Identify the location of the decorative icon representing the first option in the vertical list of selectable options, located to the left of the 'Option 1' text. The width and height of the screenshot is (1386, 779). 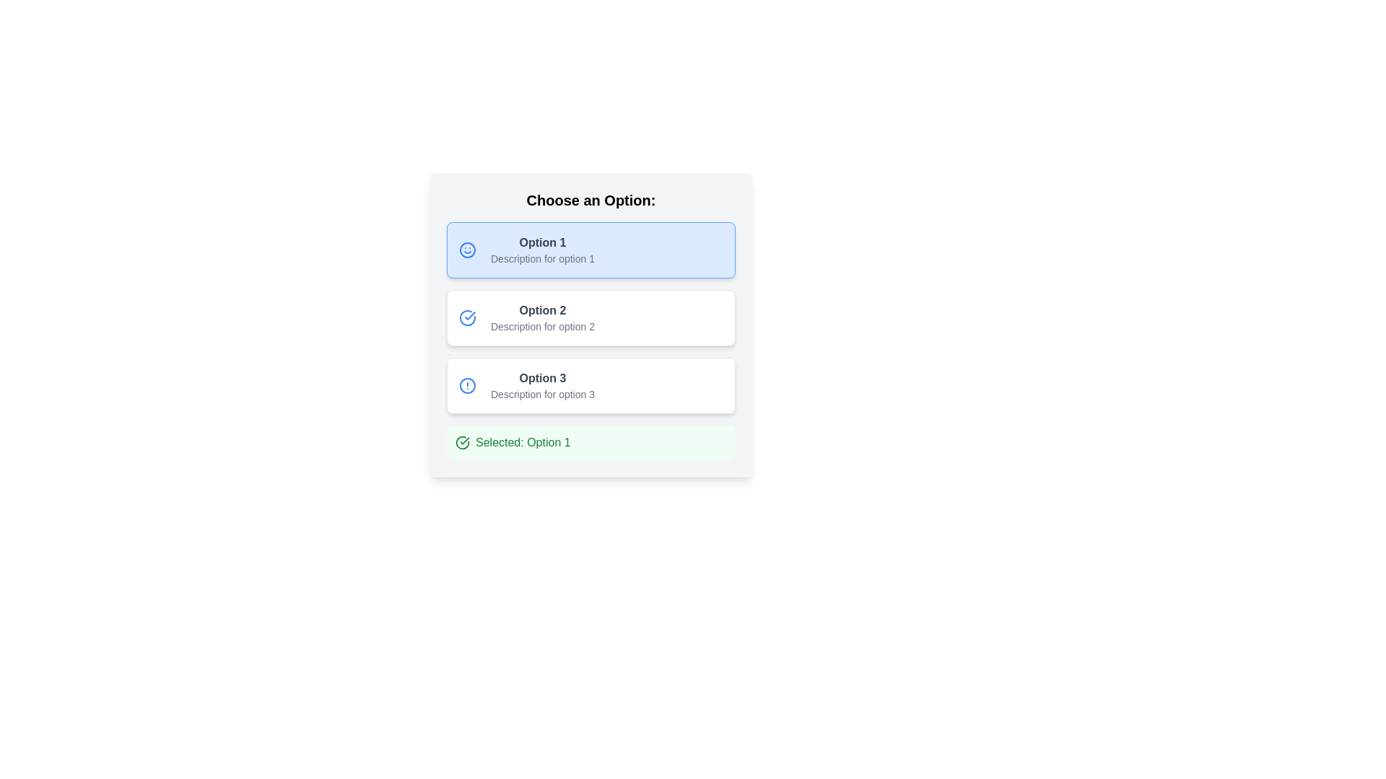
(468, 250).